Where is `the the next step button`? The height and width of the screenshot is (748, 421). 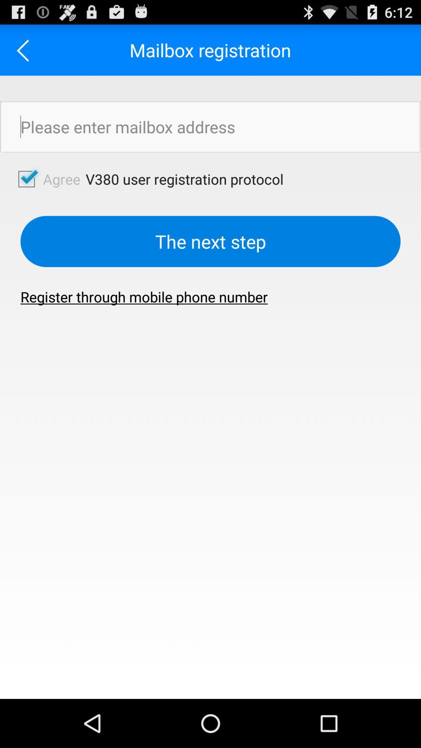
the the next step button is located at coordinates (210, 241).